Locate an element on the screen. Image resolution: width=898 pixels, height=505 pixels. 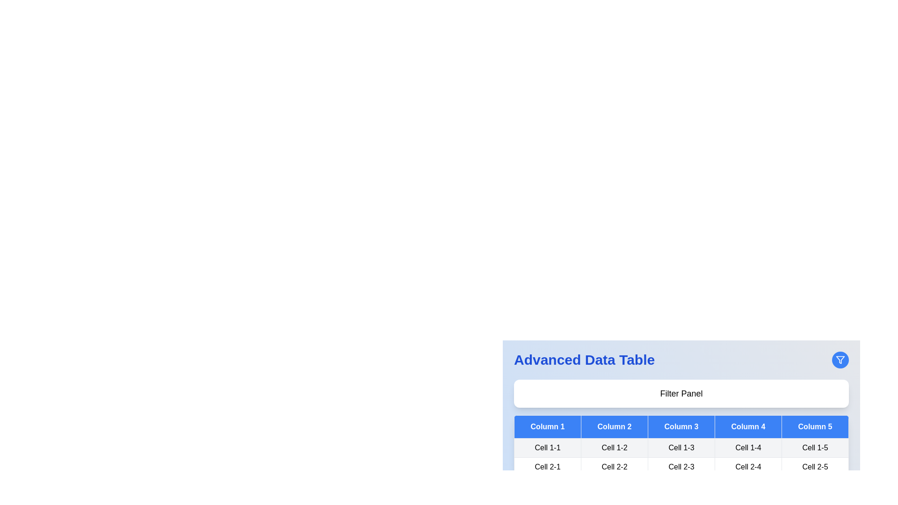
filter button to toggle the filter panel visibility is located at coordinates (840, 360).